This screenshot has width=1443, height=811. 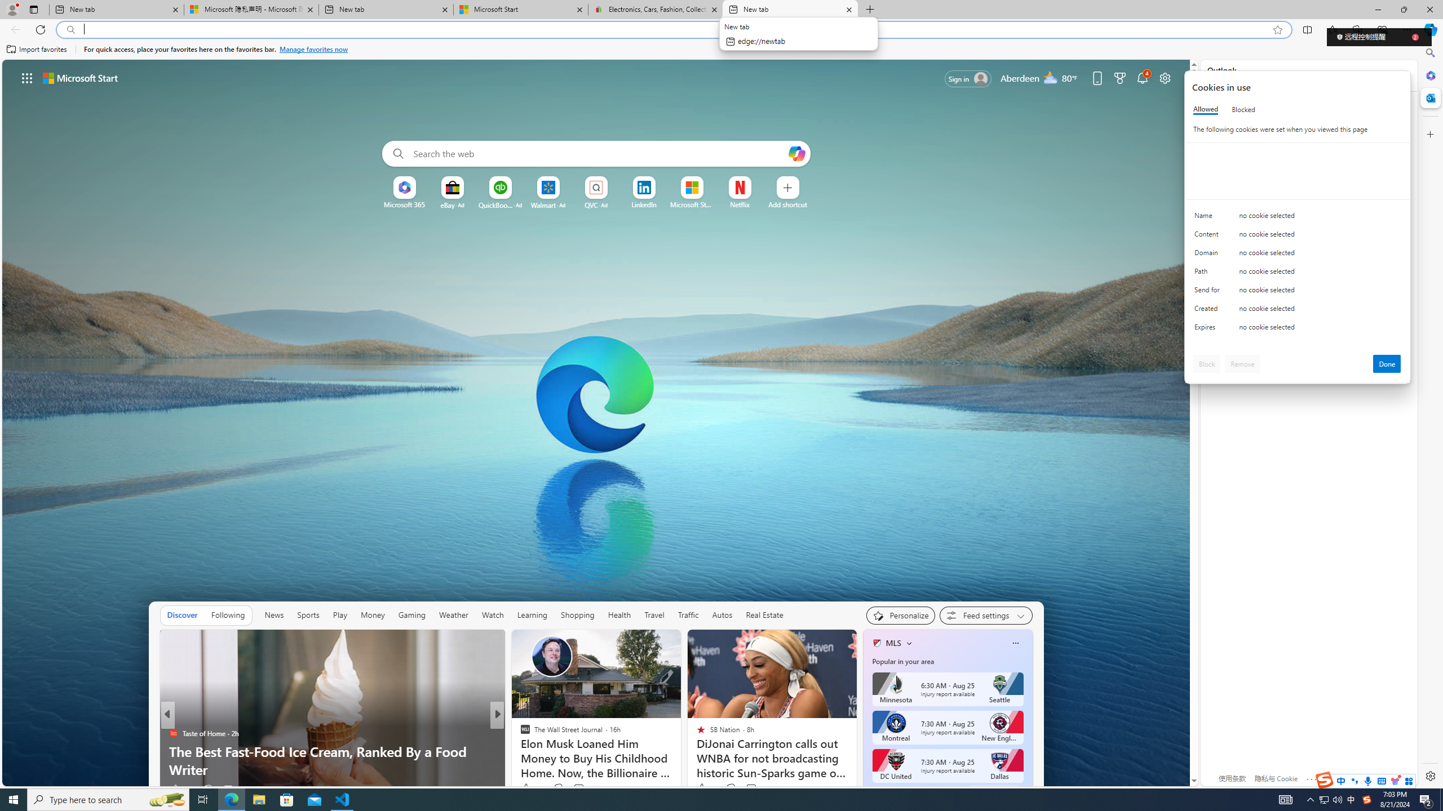 I want to click on '445 Like', so click(x=527, y=789).